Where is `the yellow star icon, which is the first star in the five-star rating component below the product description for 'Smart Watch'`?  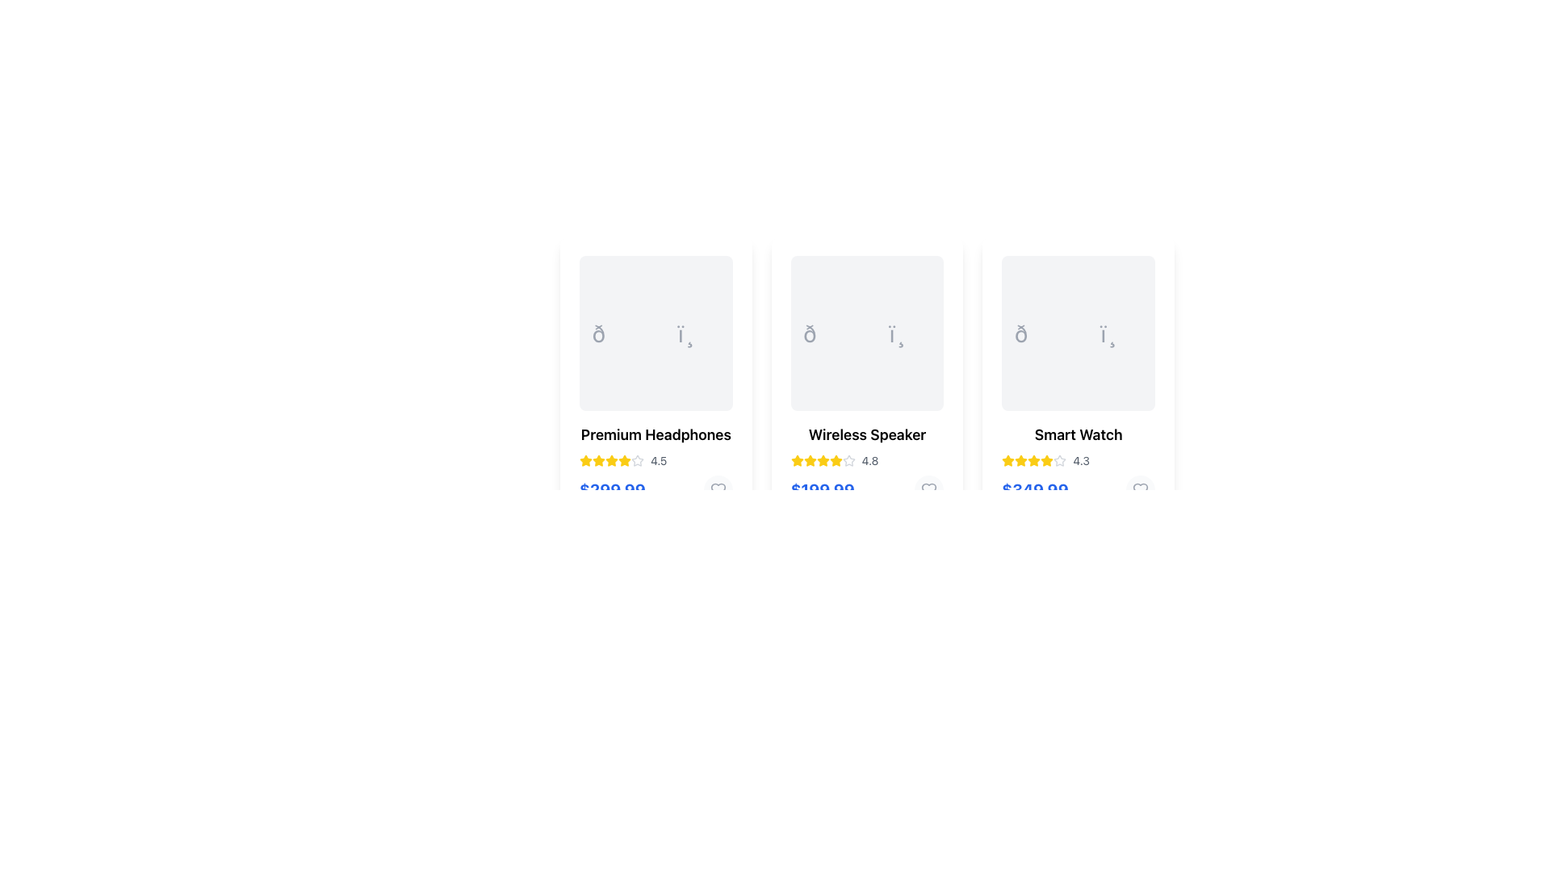
the yellow star icon, which is the first star in the five-star rating component below the product description for 'Smart Watch' is located at coordinates (1007, 460).